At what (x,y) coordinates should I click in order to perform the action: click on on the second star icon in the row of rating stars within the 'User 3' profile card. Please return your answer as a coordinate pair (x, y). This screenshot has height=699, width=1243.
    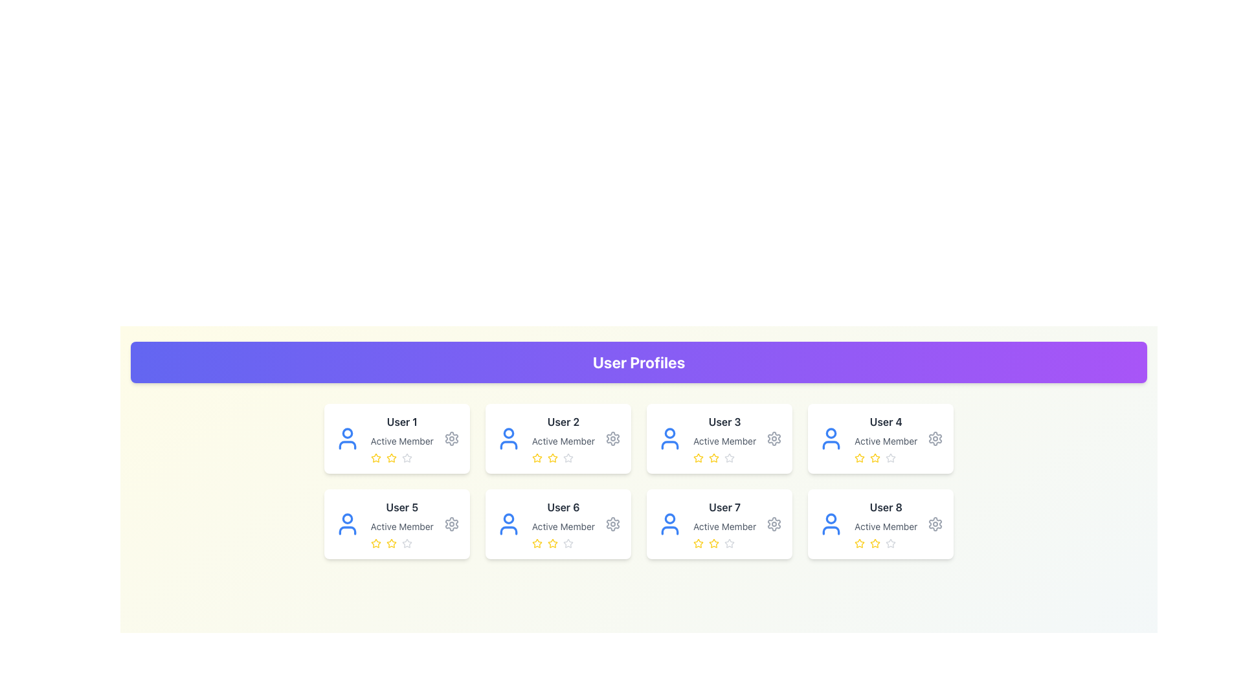
    Looking at the image, I should click on (724, 458).